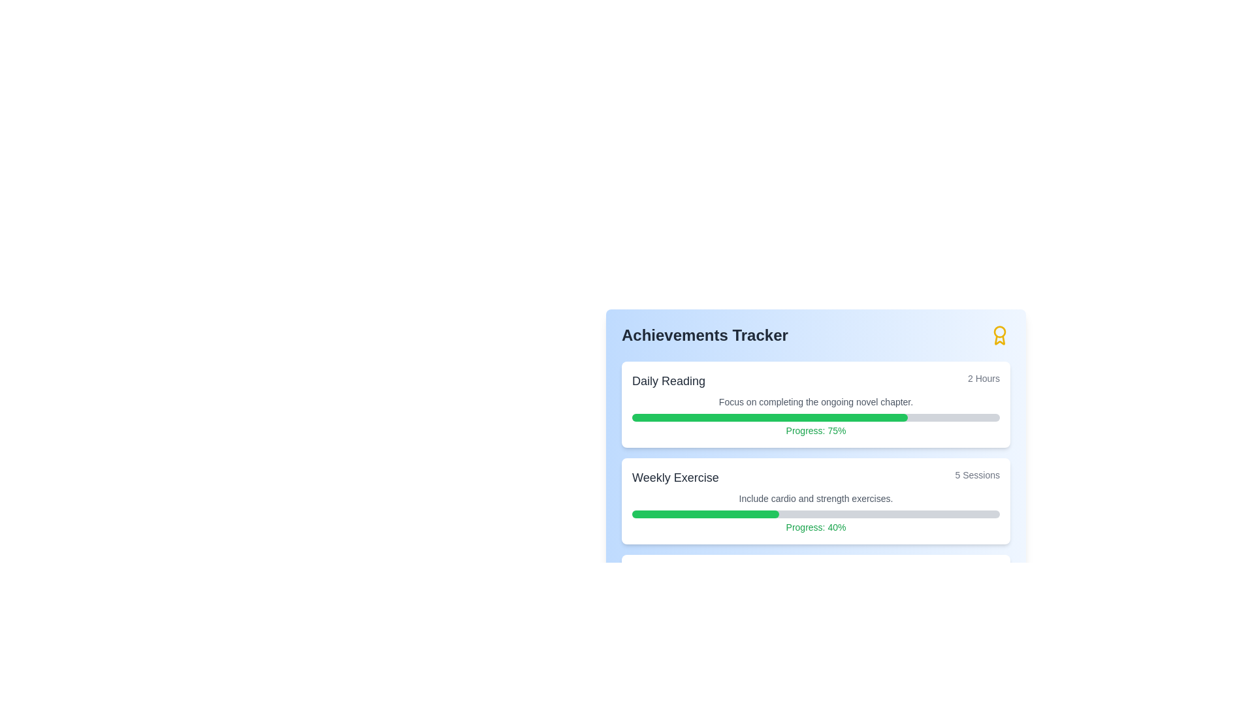 This screenshot has height=705, width=1254. What do you see at coordinates (984, 381) in the screenshot?
I see `the displayed duration on the text label that indicates time spent on a related activity, located to the right of the 'Daily Reading' text` at bounding box center [984, 381].